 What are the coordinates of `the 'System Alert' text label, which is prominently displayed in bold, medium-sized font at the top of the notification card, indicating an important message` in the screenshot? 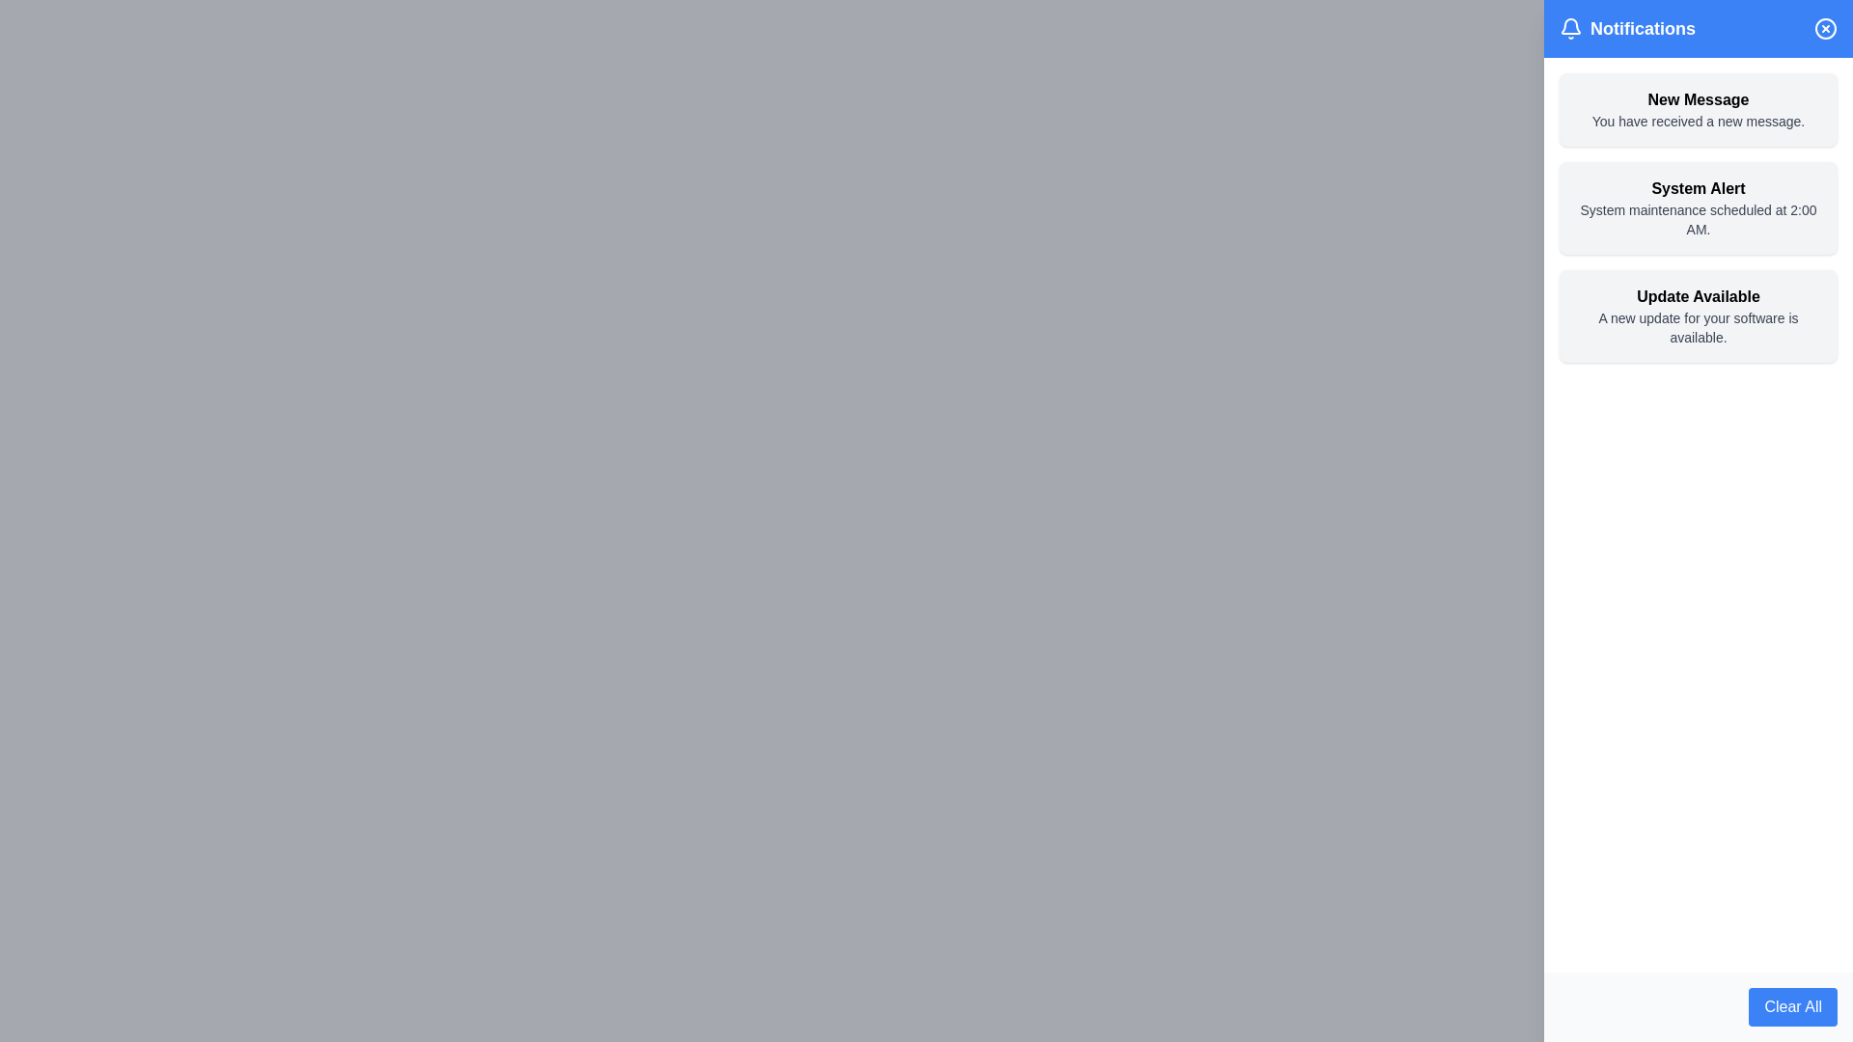 It's located at (1699, 189).